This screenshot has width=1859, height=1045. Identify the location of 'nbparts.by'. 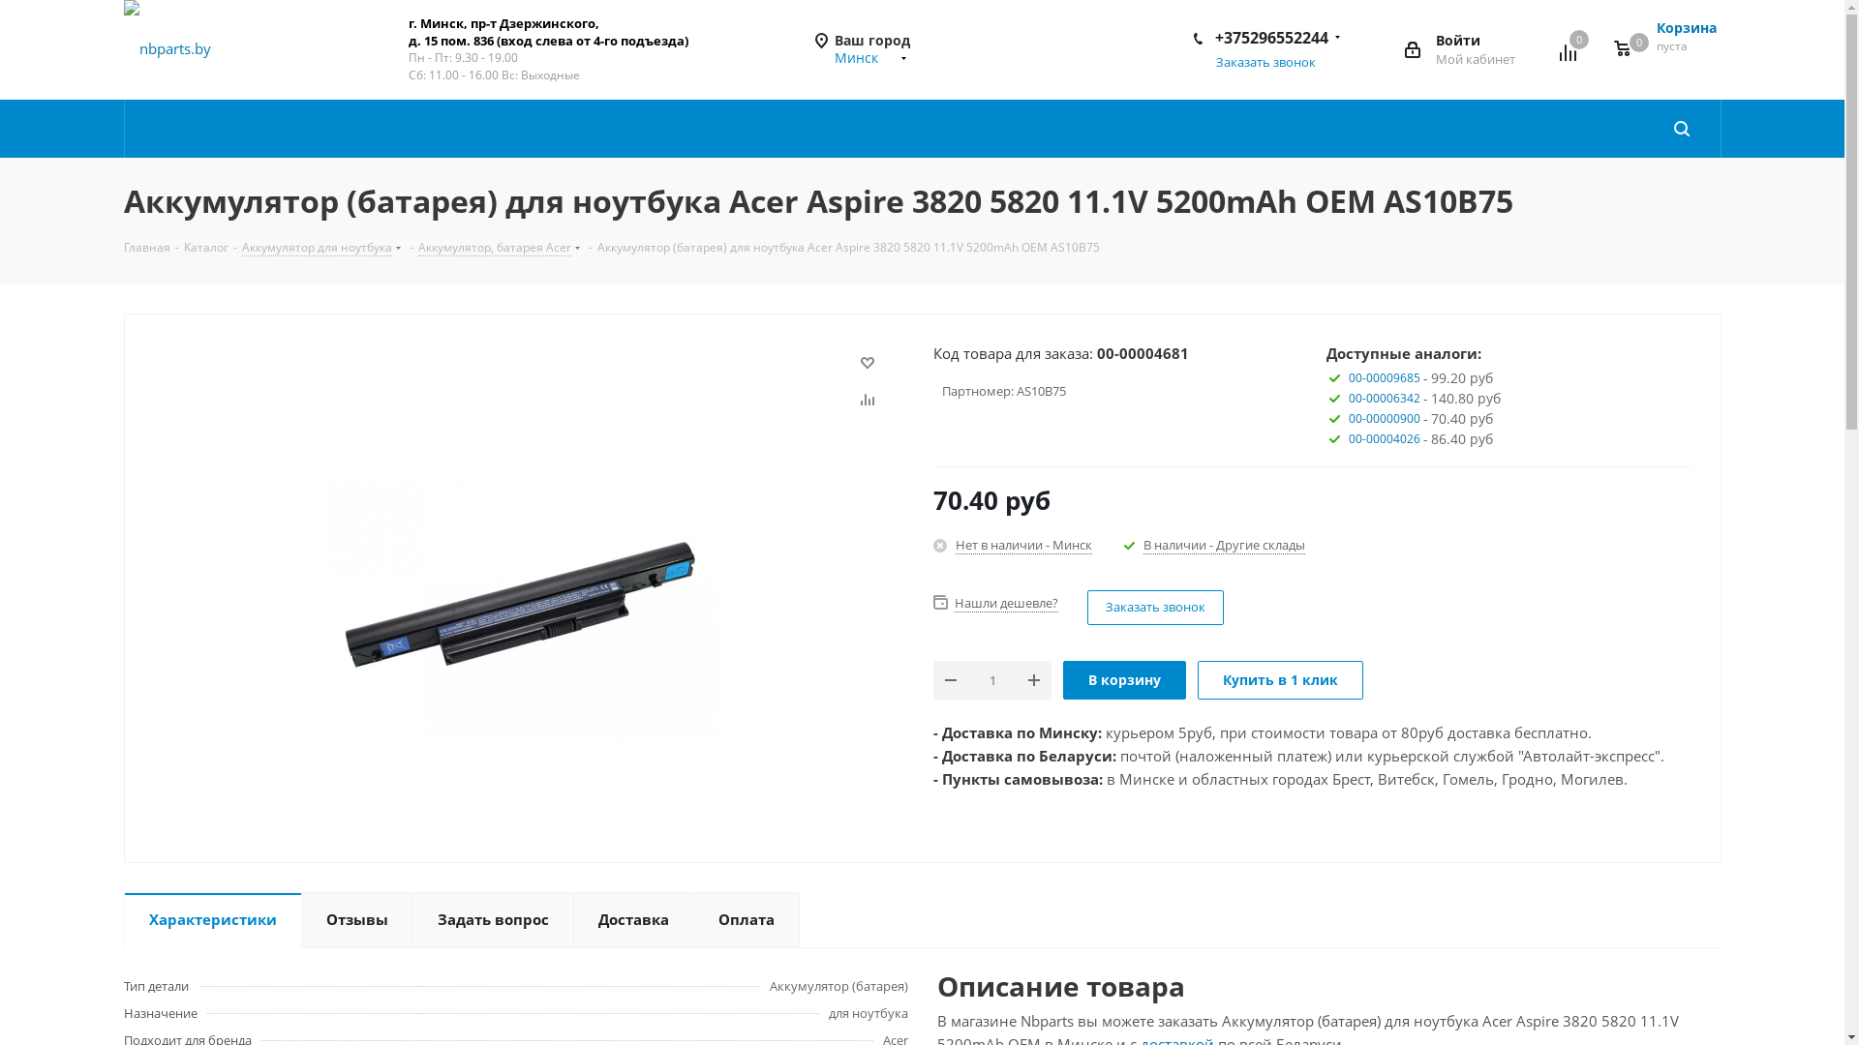
(167, 47).